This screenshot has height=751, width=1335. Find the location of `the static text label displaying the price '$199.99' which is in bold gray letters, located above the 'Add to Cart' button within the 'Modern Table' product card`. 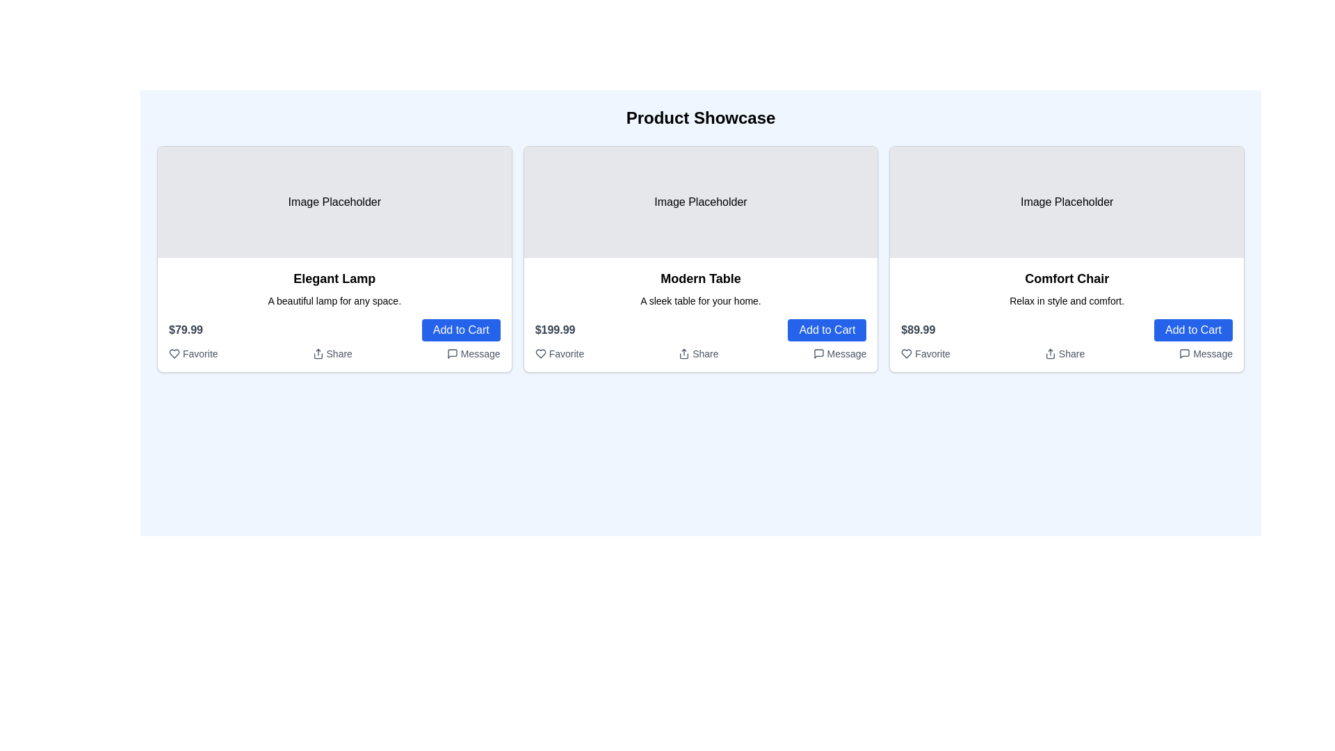

the static text label displaying the price '$199.99' which is in bold gray letters, located above the 'Add to Cart' button within the 'Modern Table' product card is located at coordinates (554, 330).